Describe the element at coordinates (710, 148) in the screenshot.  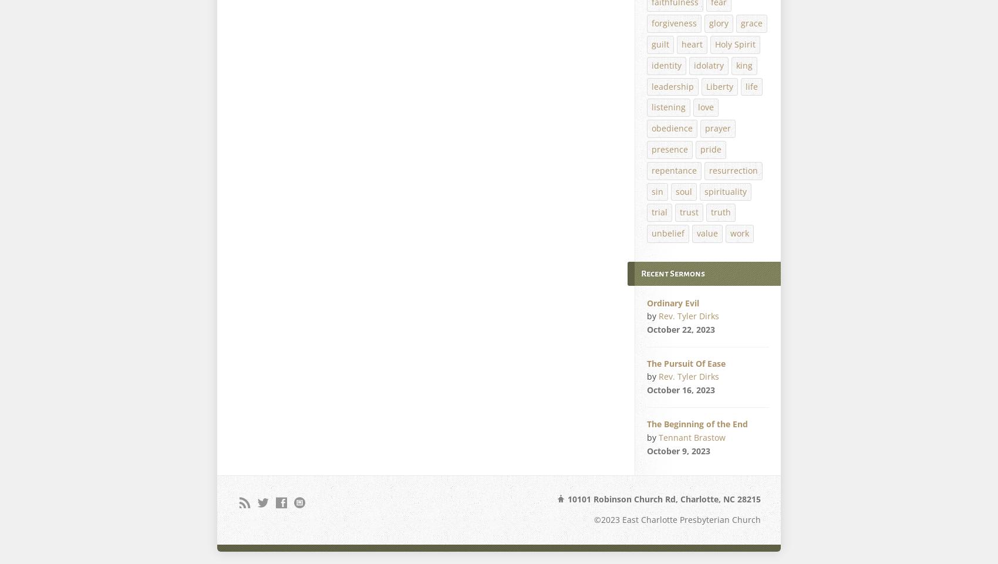
I see `'pride'` at that location.